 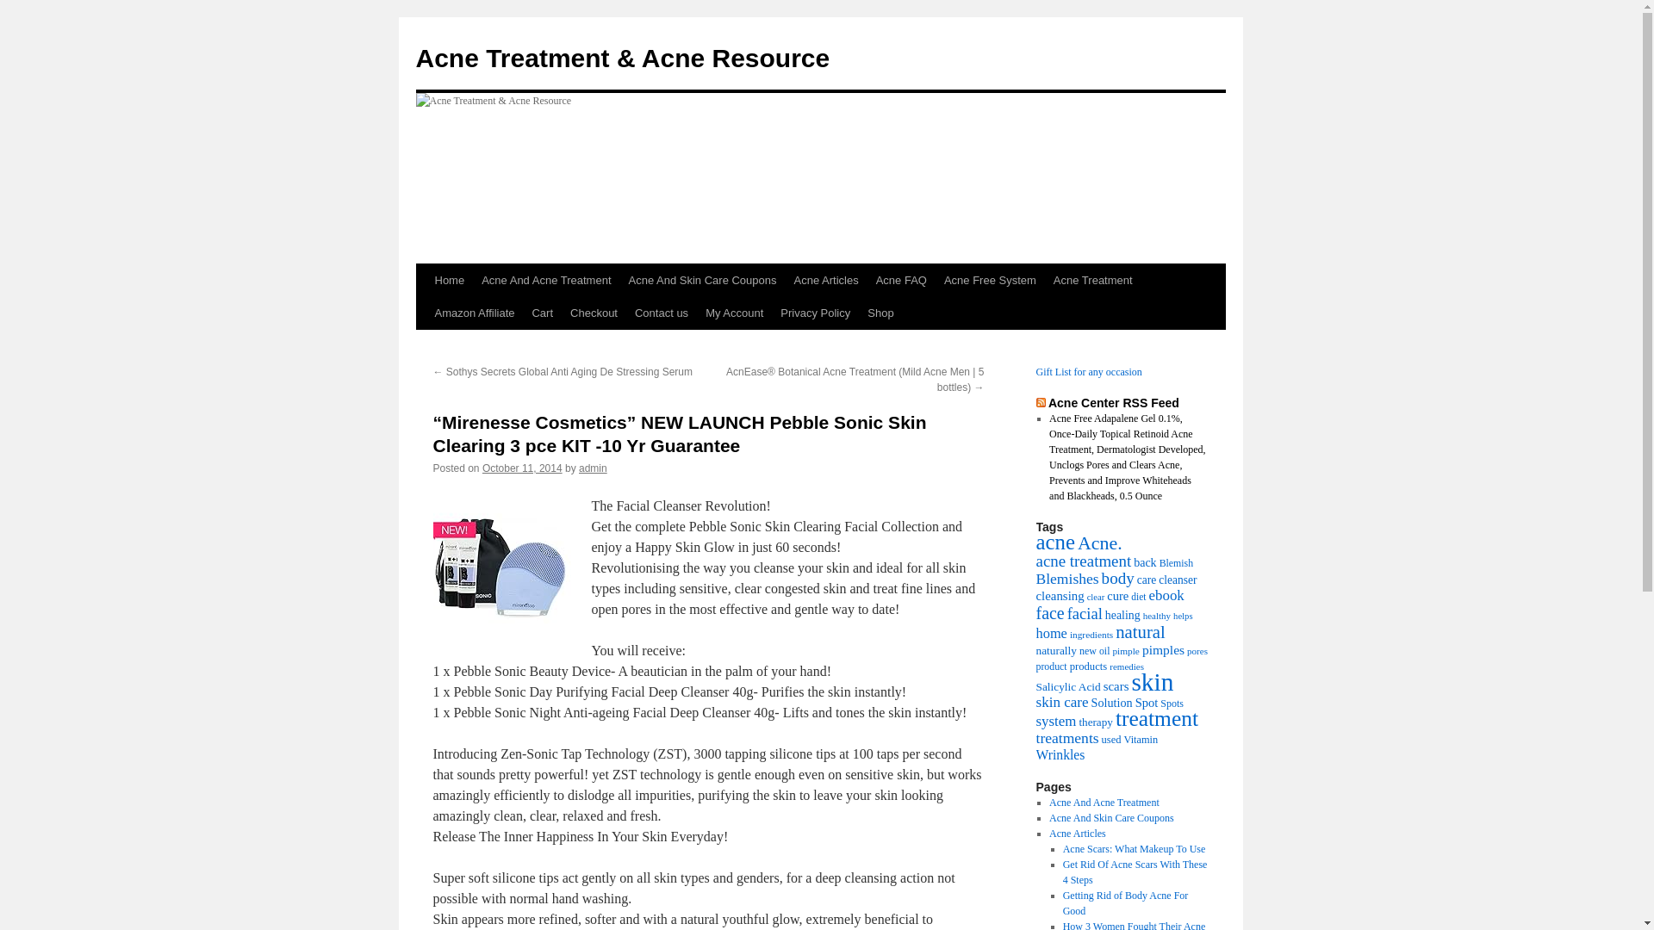 What do you see at coordinates (1152, 680) in the screenshot?
I see `'skin'` at bounding box center [1152, 680].